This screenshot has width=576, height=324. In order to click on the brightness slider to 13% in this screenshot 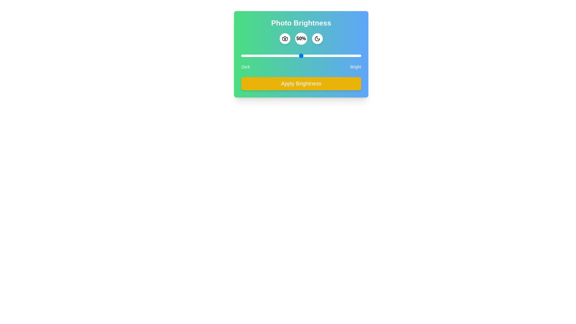, I will do `click(256, 55)`.